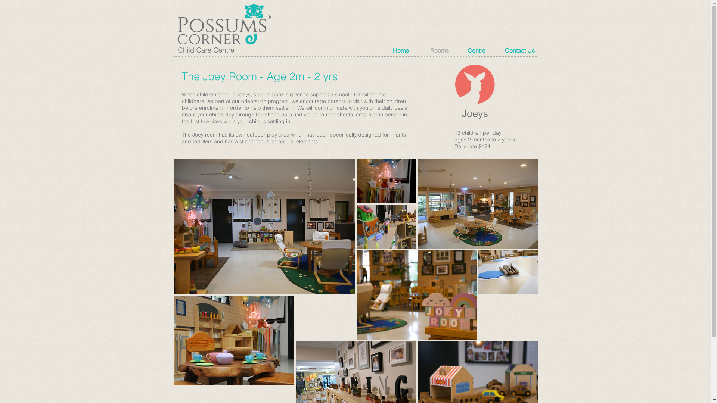 This screenshot has height=403, width=717. I want to click on 'Rooms', so click(445, 50).